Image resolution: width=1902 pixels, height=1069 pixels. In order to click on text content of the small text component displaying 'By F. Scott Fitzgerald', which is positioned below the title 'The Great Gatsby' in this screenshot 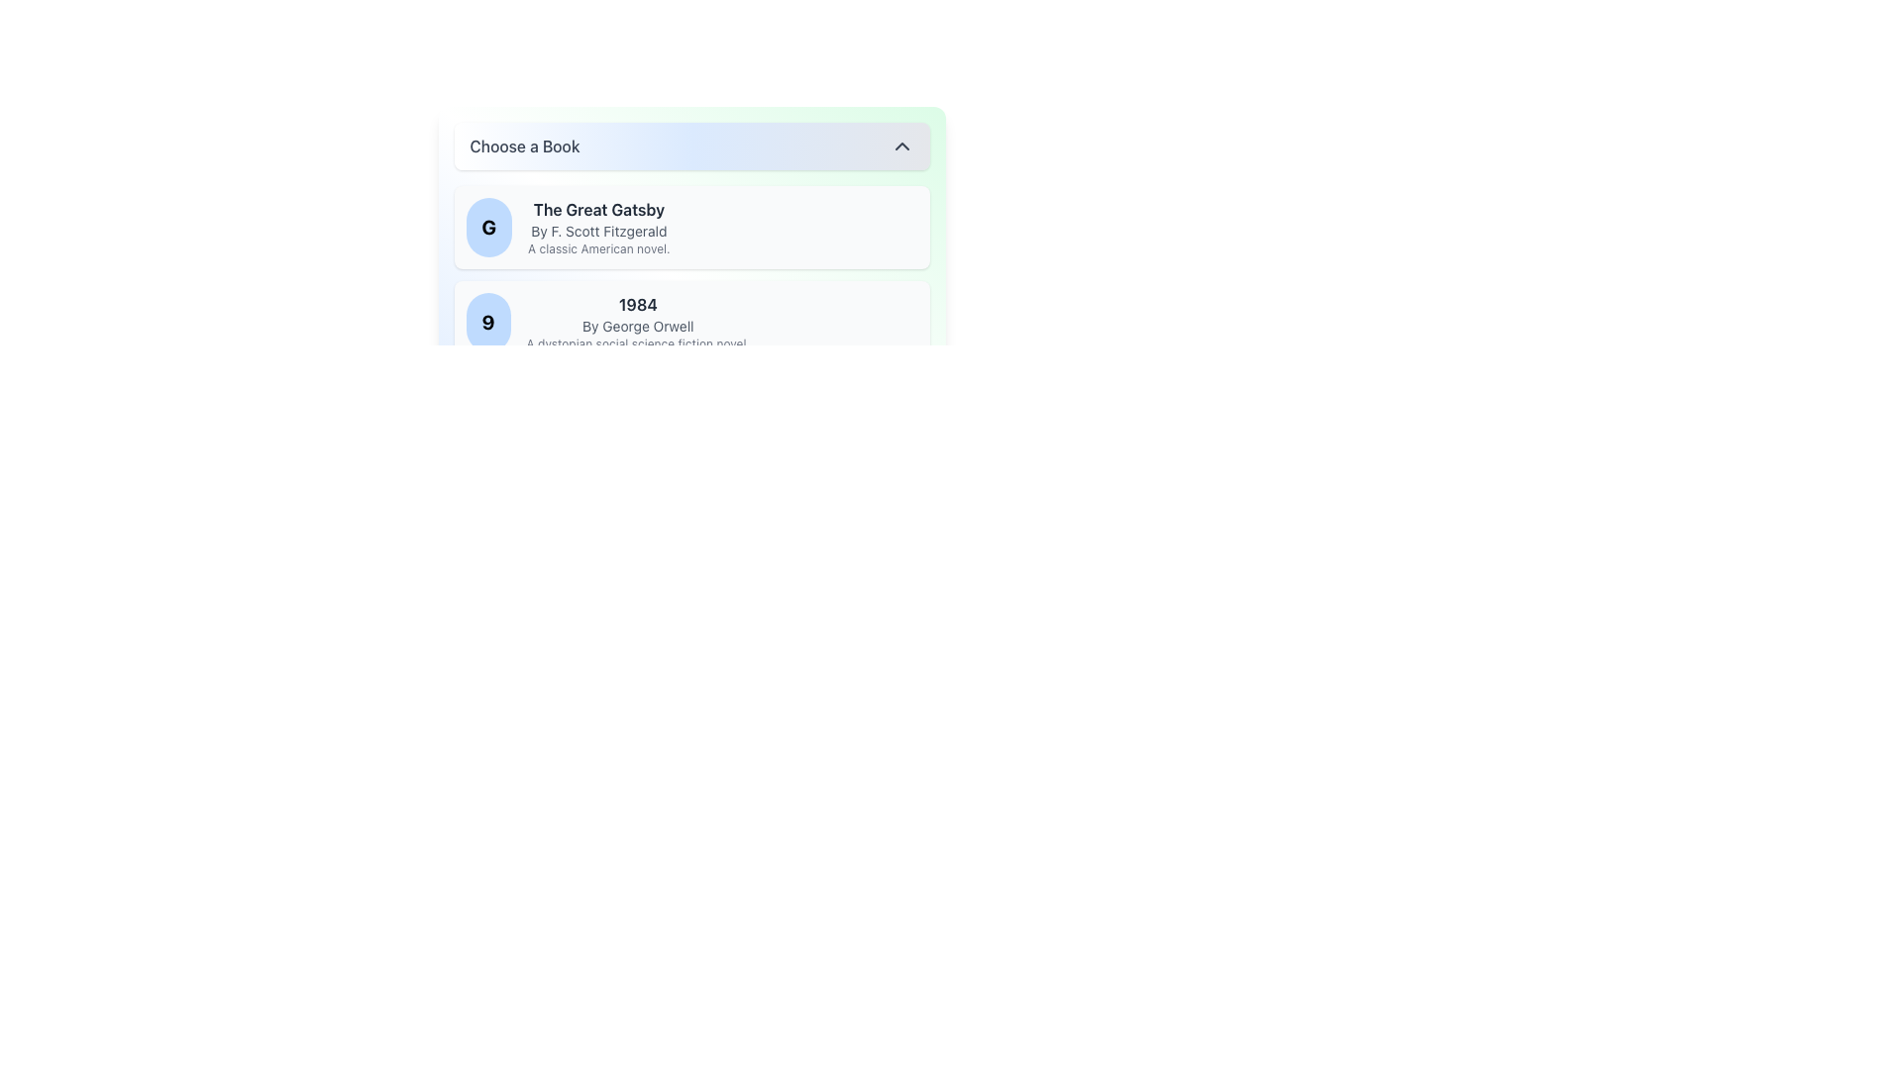, I will do `click(597, 231)`.